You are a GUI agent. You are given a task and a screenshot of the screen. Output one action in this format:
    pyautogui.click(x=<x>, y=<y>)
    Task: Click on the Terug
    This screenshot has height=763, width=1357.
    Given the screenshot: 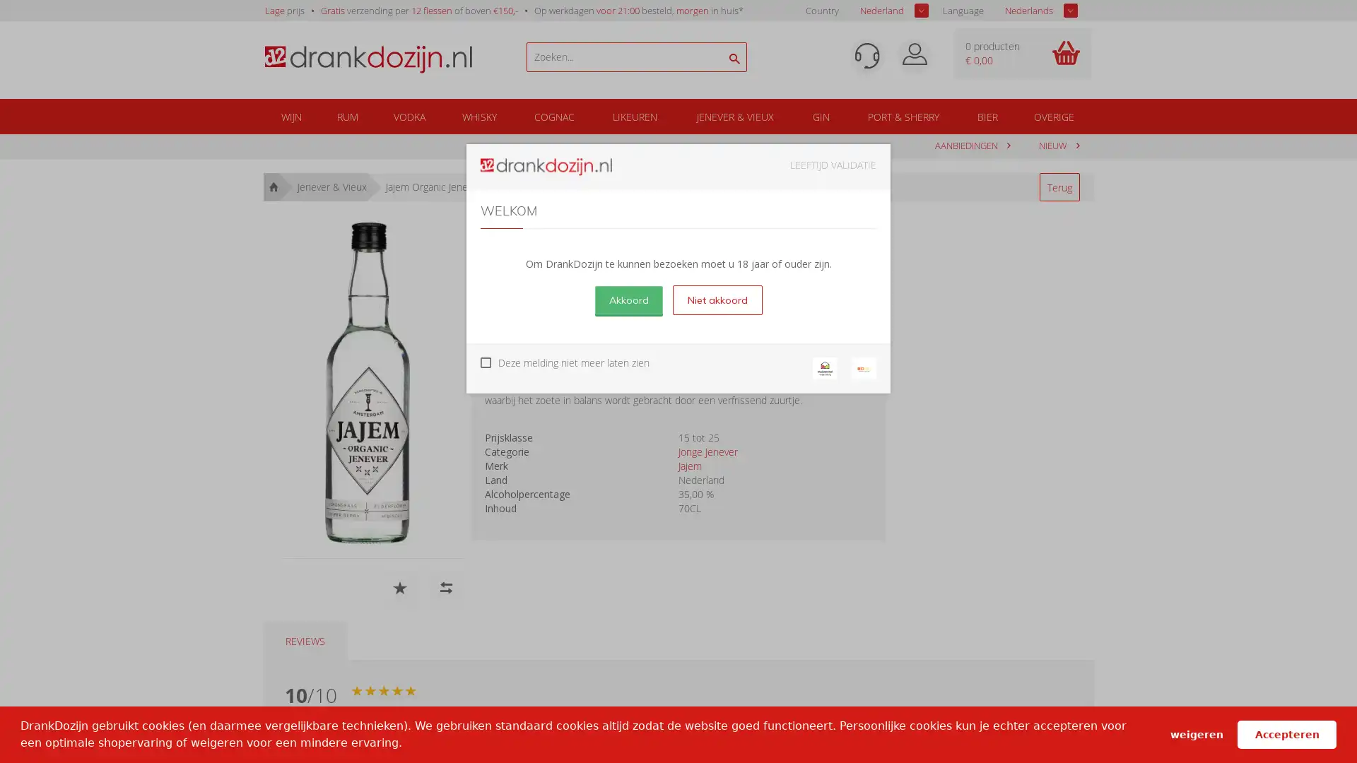 What is the action you would take?
    pyautogui.click(x=1059, y=187)
    